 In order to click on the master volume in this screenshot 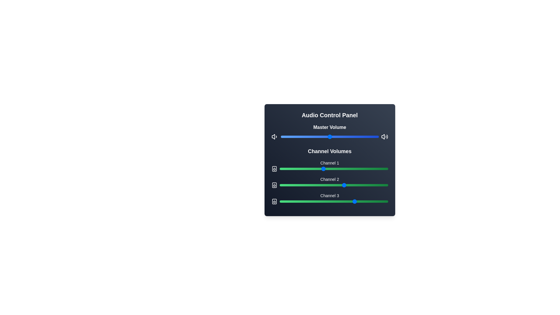, I will do `click(312, 137)`.